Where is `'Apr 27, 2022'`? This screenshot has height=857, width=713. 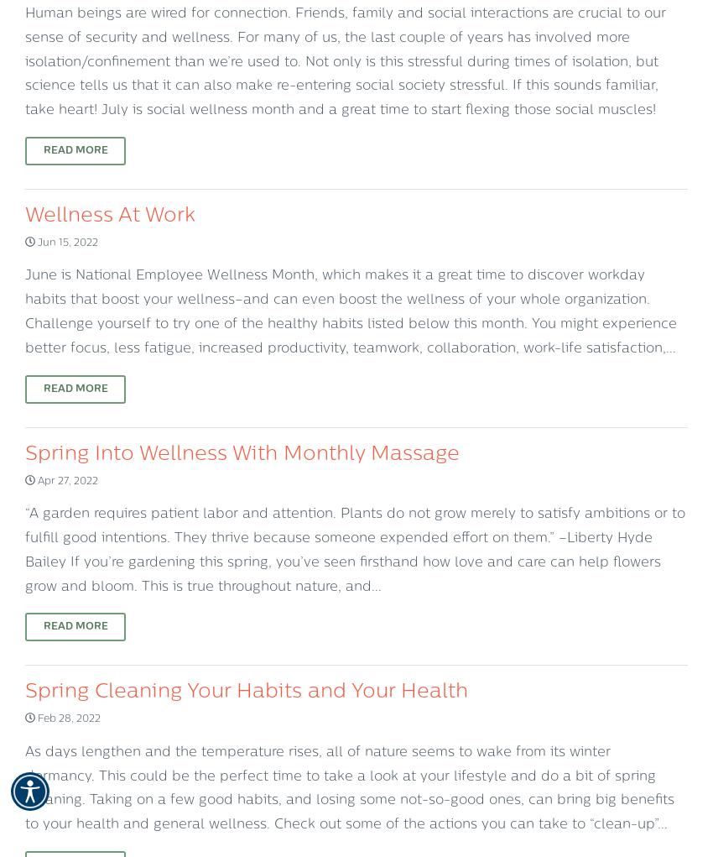
'Apr 27, 2022' is located at coordinates (34, 479).